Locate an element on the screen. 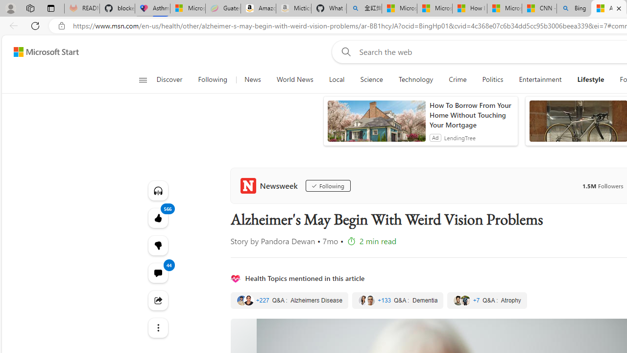 The width and height of the screenshot is (627, 353). 'Class: at-item' is located at coordinates (158, 328).